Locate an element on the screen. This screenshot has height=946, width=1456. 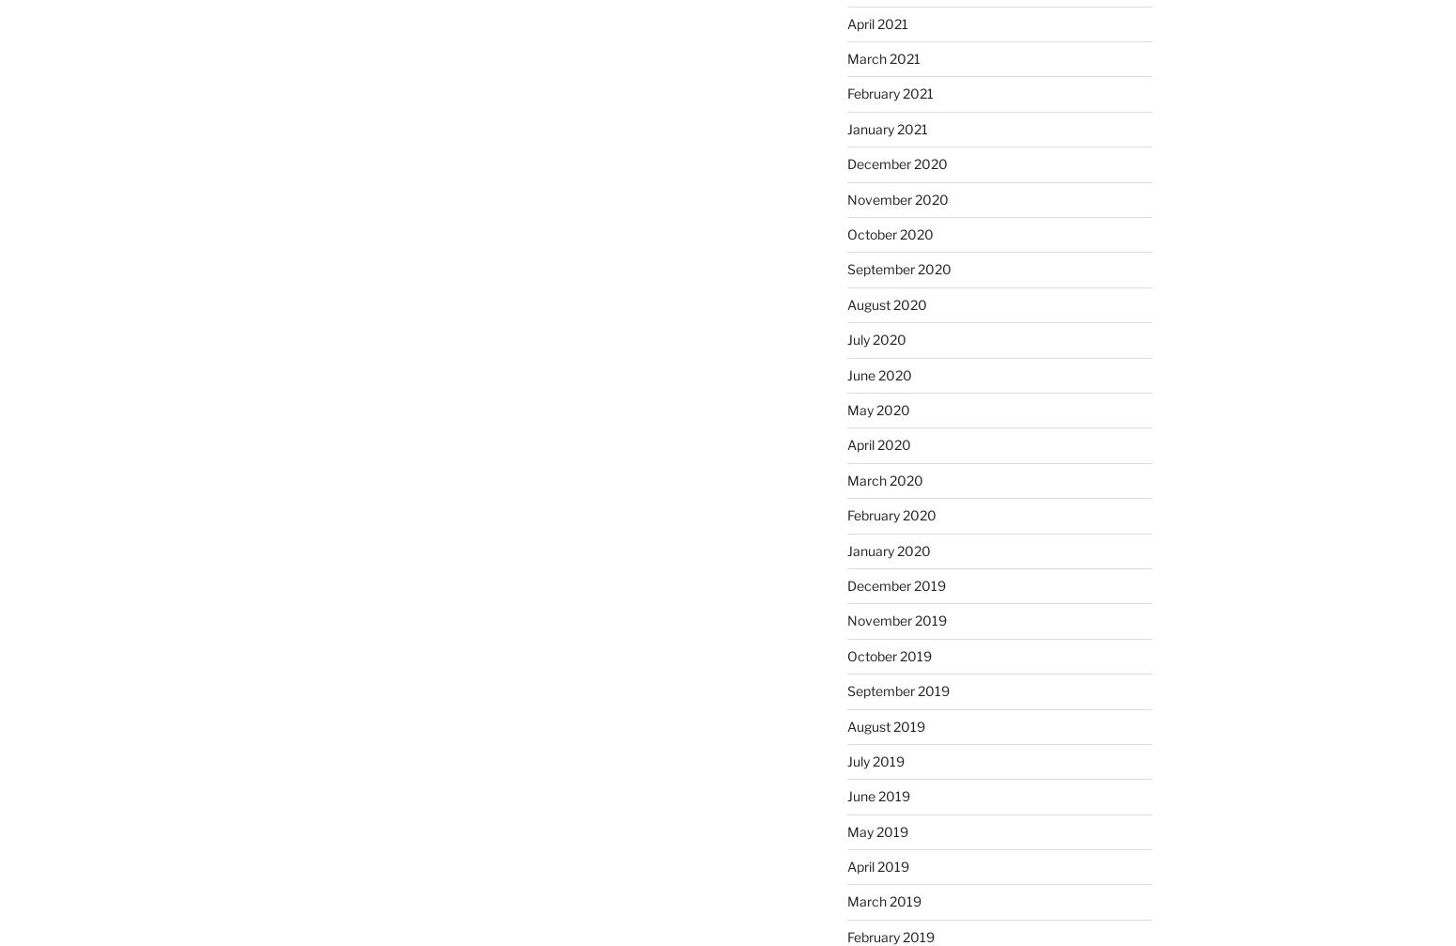
'May 2019' is located at coordinates (875, 830).